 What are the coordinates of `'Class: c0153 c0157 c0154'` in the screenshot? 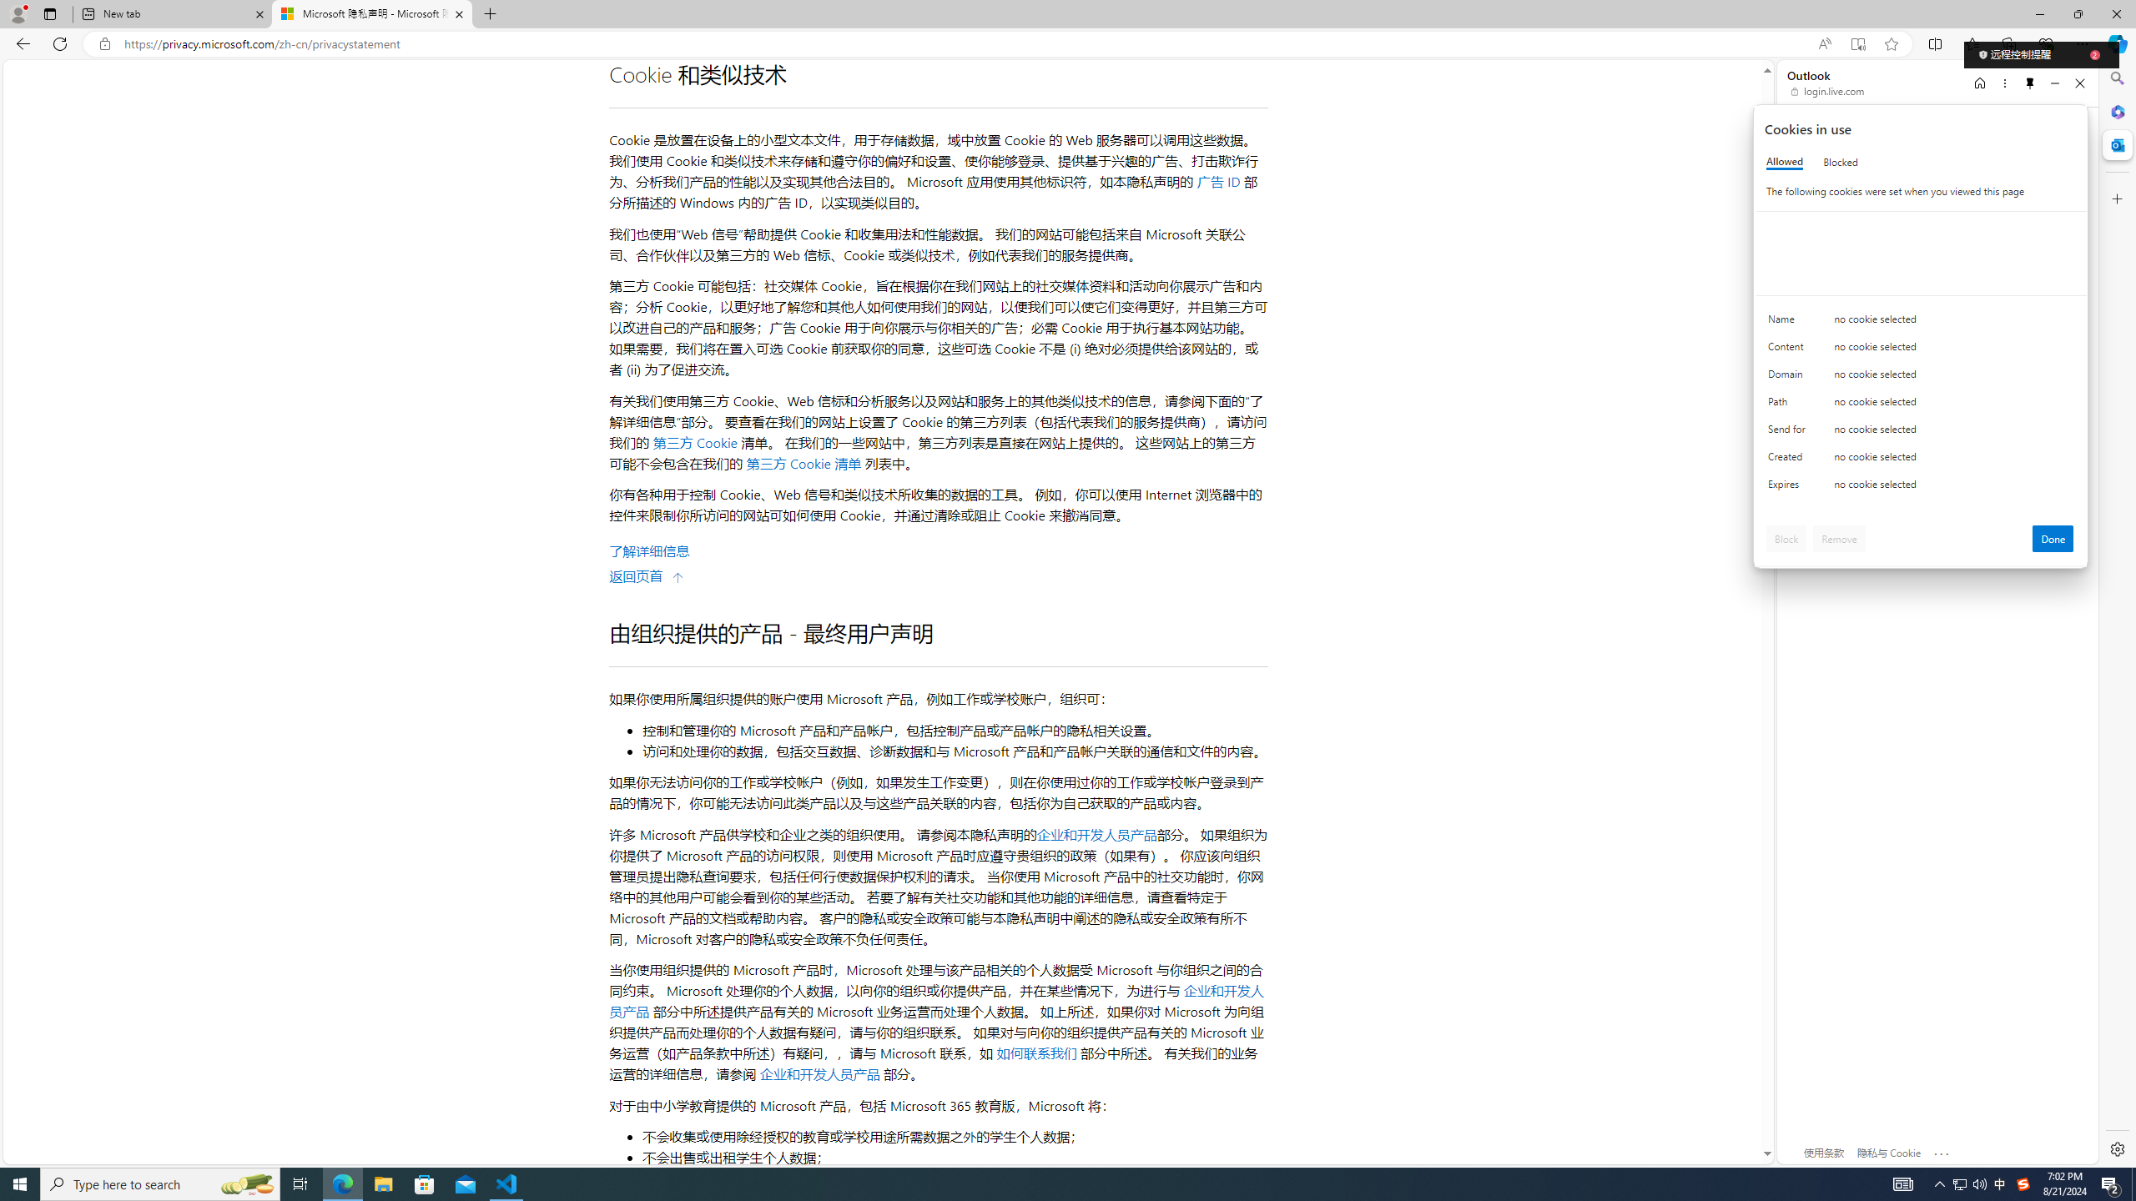 It's located at (1921, 323).